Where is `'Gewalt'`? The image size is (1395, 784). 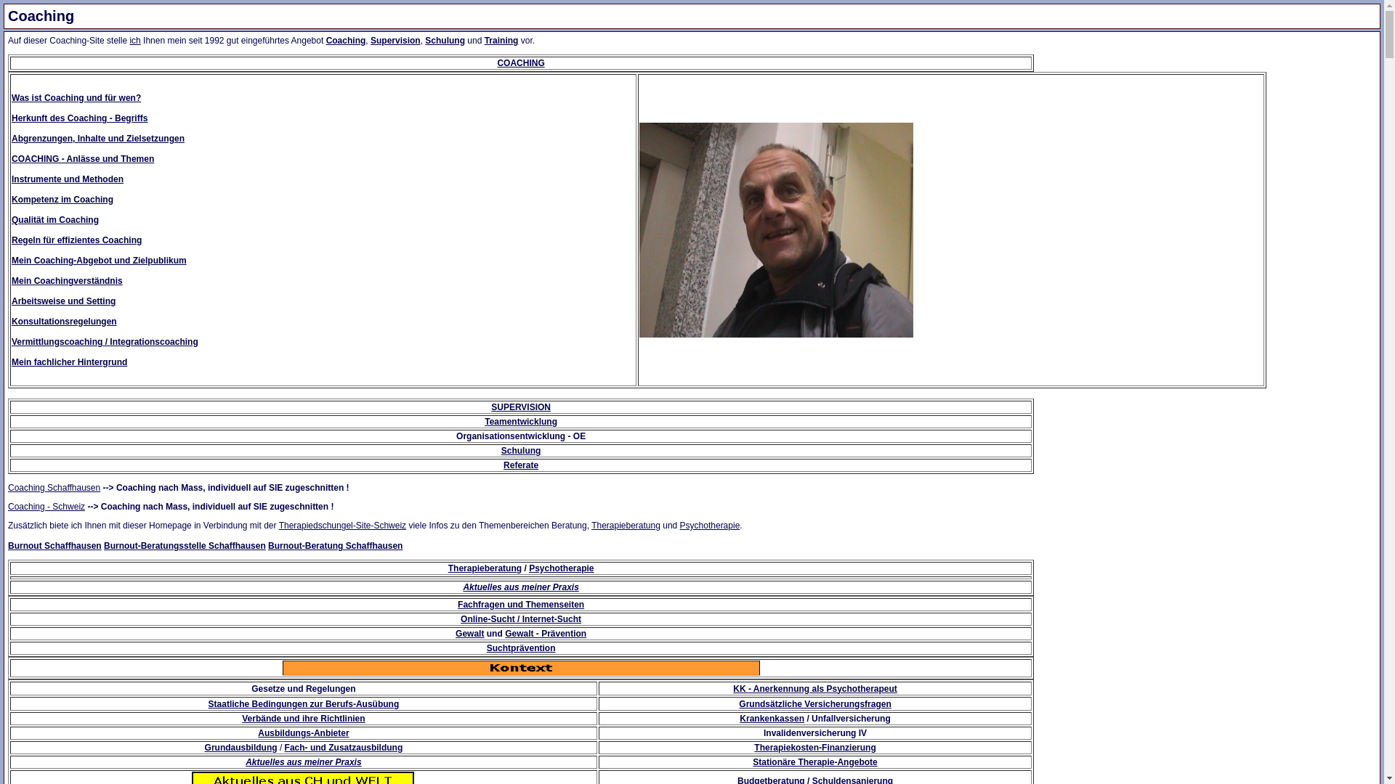 'Gewalt' is located at coordinates (469, 632).